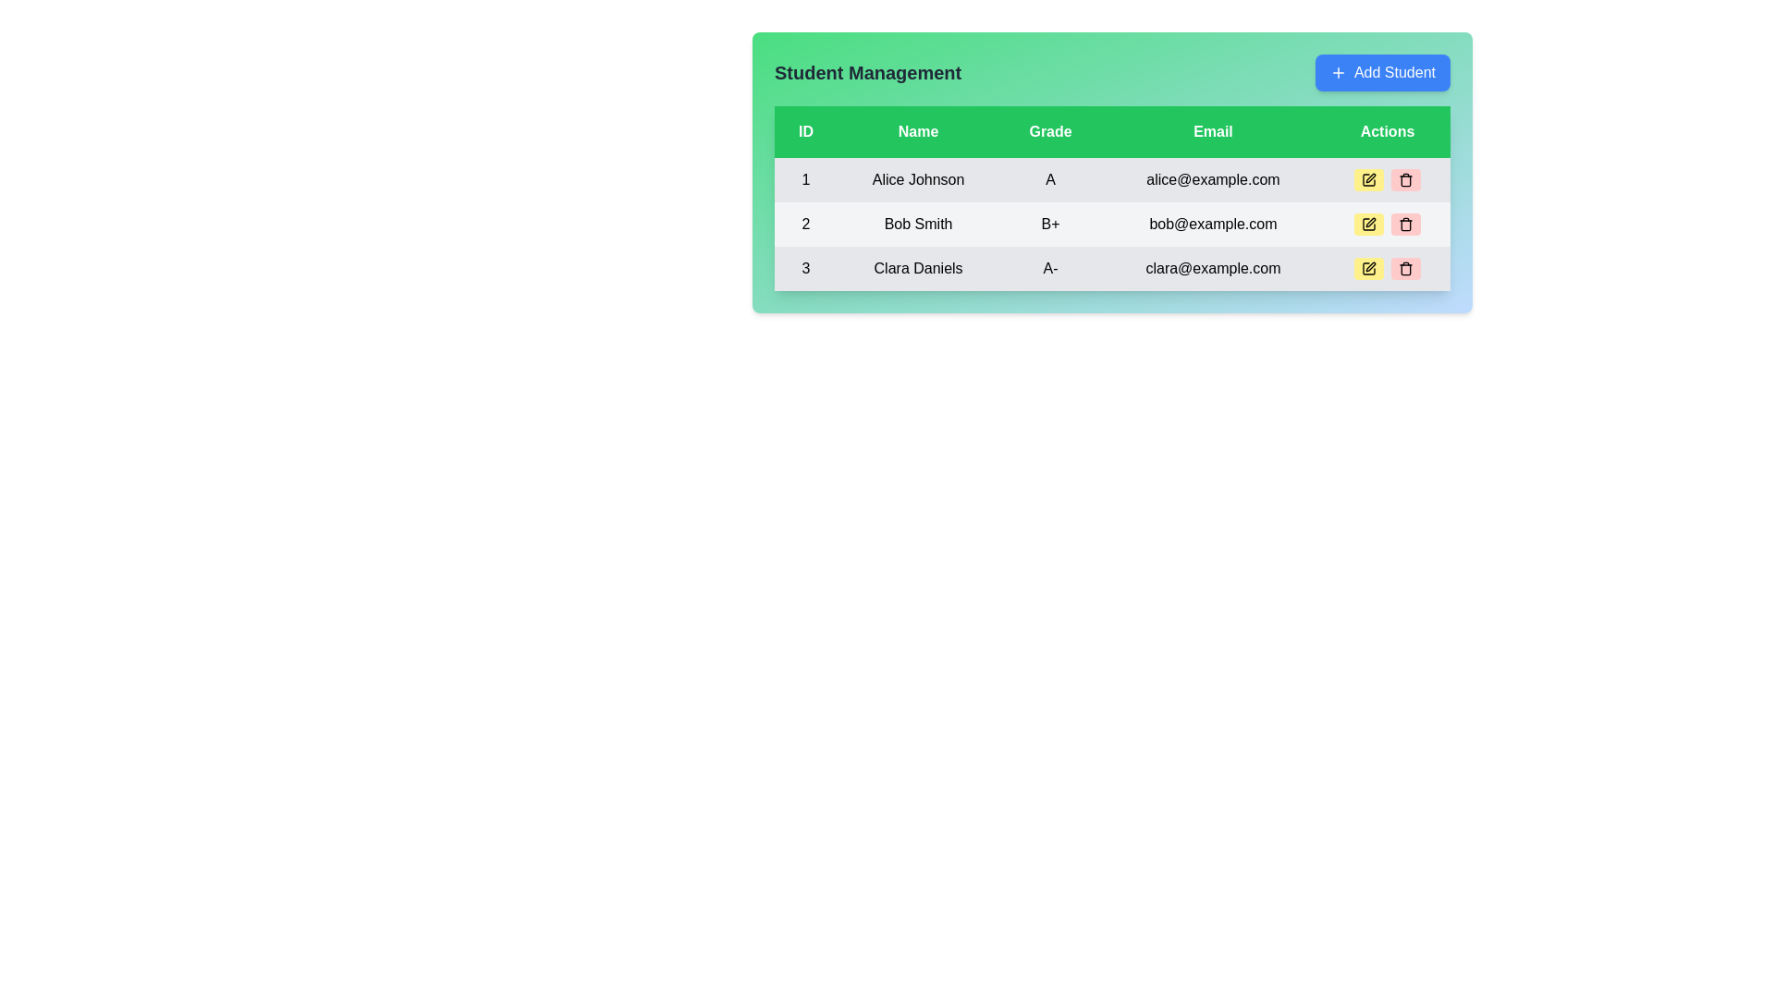 This screenshot has height=998, width=1775. Describe the element at coordinates (806, 268) in the screenshot. I see `the centered number '3' in the first column of the third row of the table related to 'Clara Daniels'` at that location.